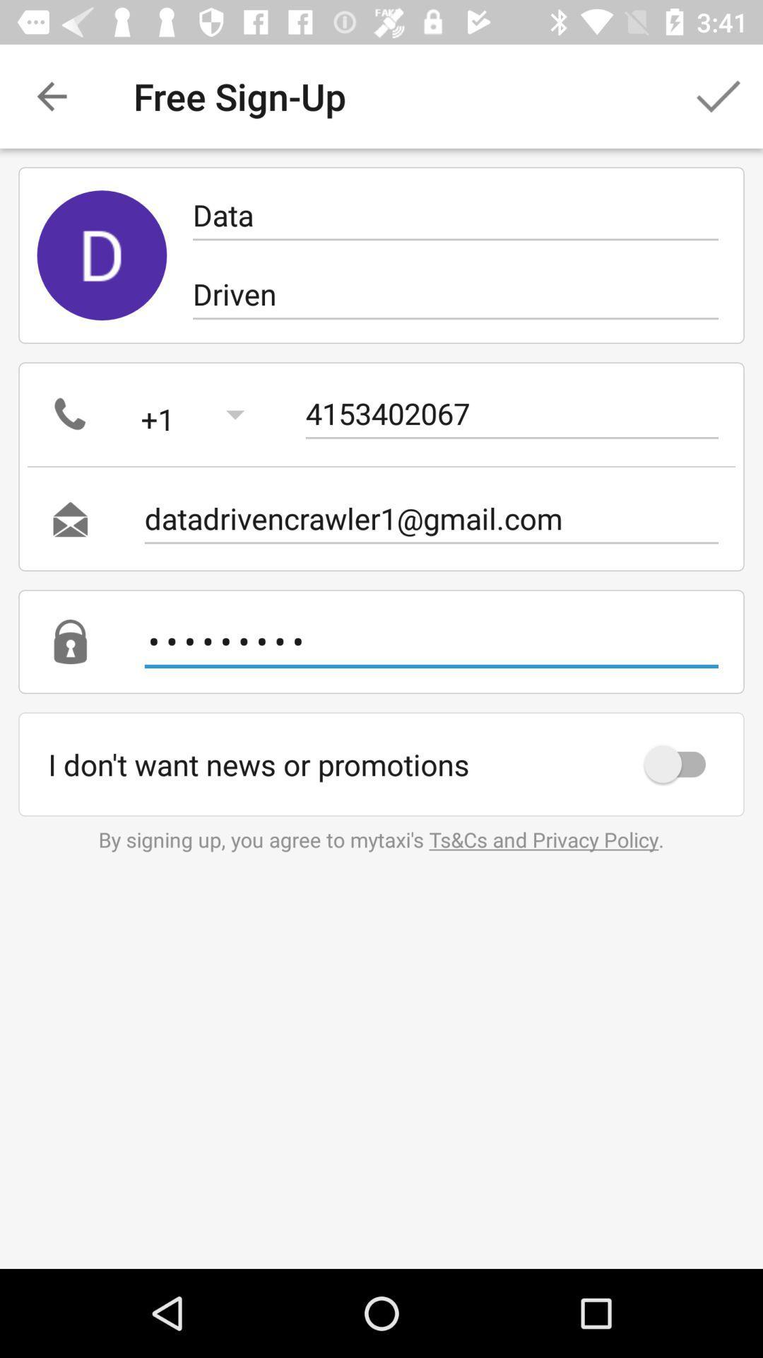 Image resolution: width=763 pixels, height=1358 pixels. Describe the element at coordinates (681, 763) in the screenshot. I see `icon below crowd3116` at that location.